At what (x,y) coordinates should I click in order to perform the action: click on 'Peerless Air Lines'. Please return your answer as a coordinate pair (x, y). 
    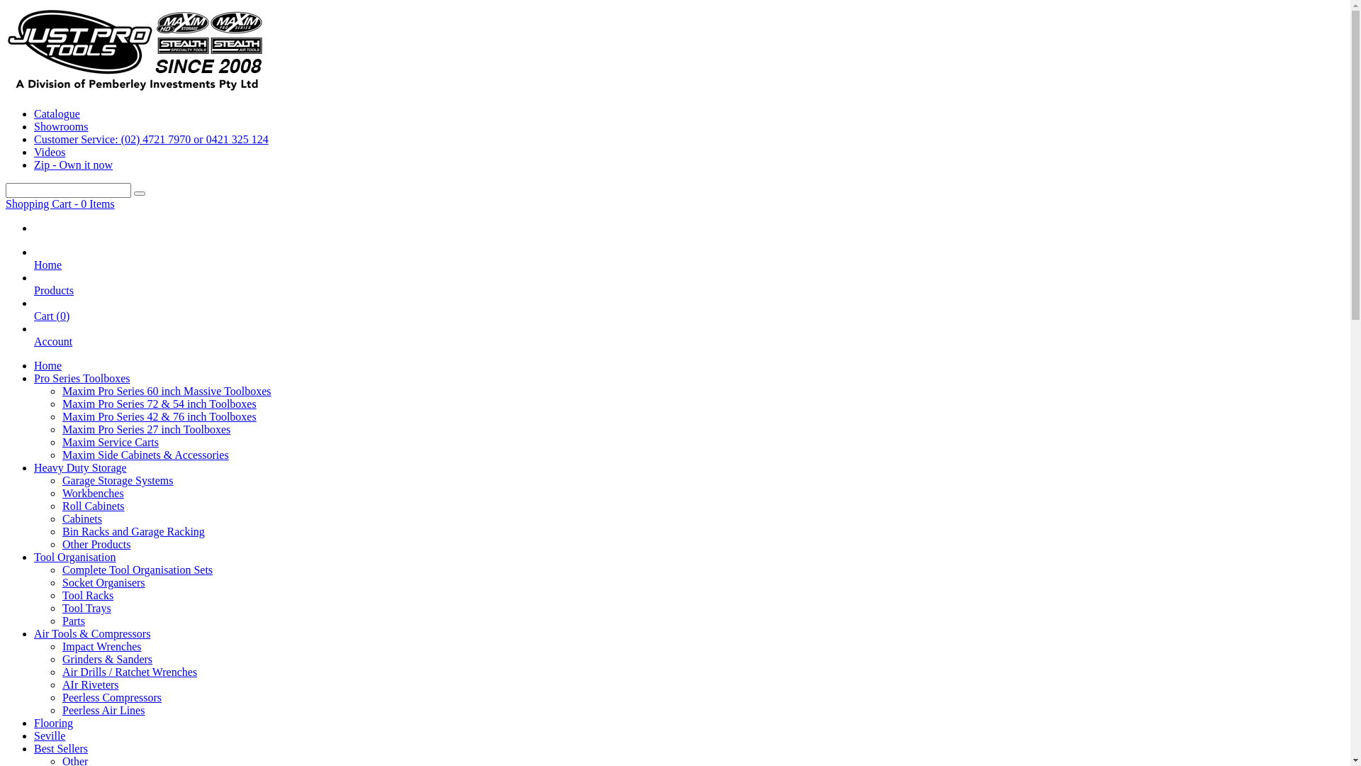
    Looking at the image, I should click on (102, 710).